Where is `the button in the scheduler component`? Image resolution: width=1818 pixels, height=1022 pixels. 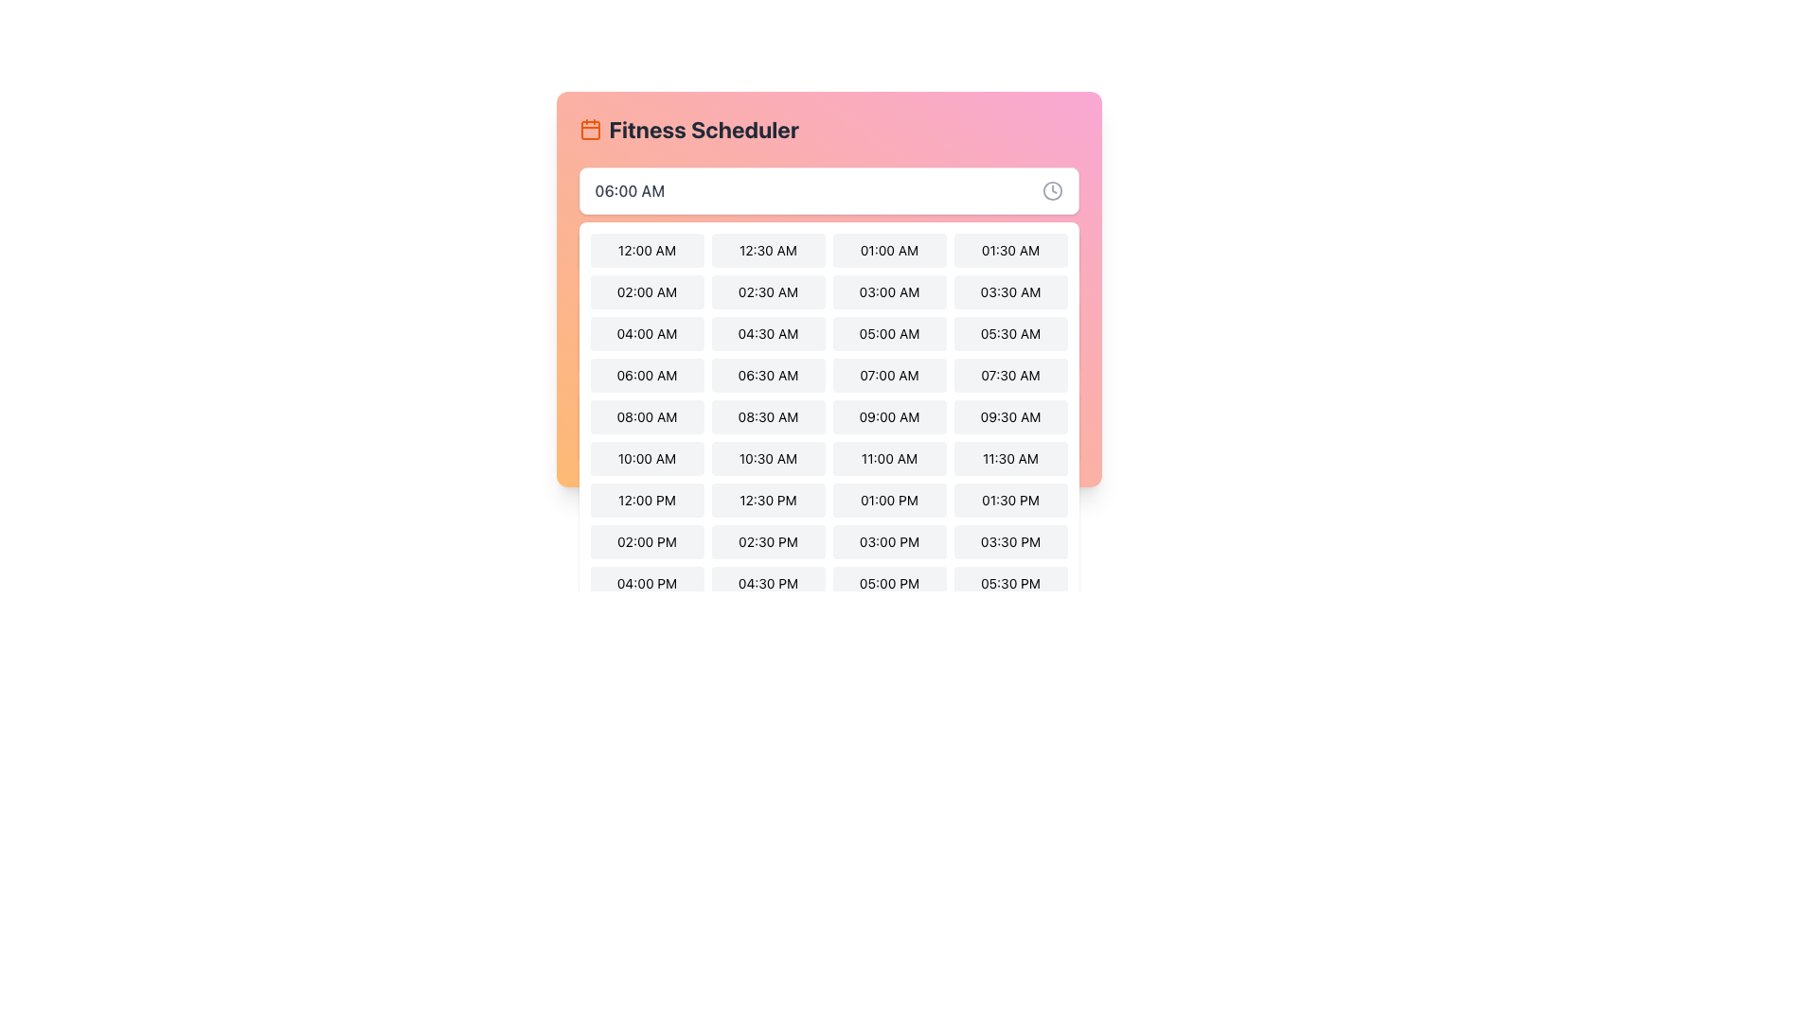
the button in the scheduler component is located at coordinates (768, 250).